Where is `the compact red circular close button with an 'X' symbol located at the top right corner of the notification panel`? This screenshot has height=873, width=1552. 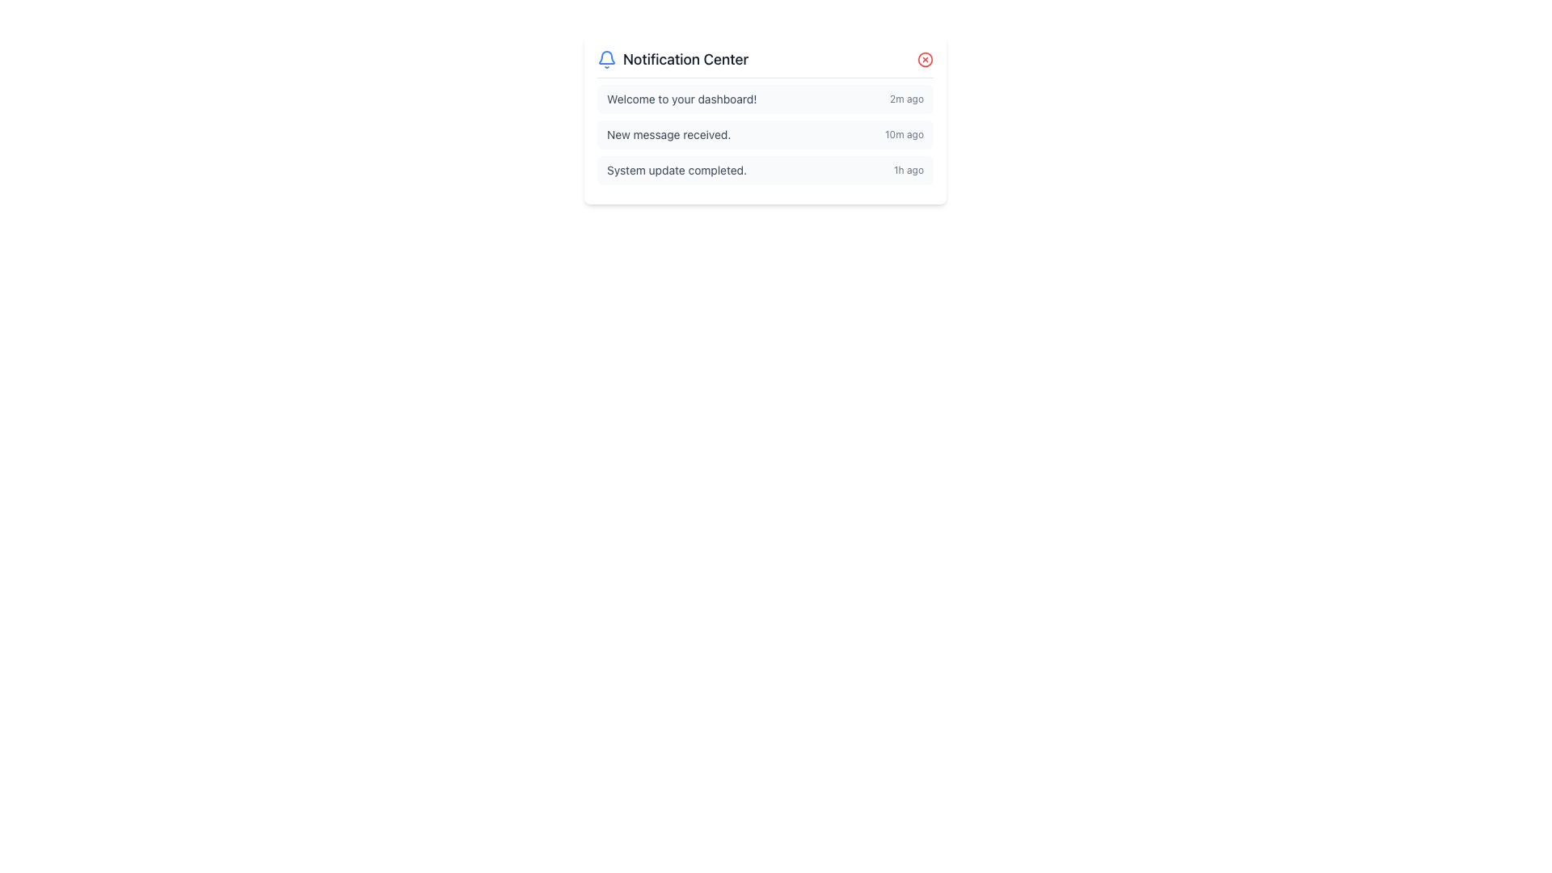 the compact red circular close button with an 'X' symbol located at the top right corner of the notification panel is located at coordinates (926, 58).